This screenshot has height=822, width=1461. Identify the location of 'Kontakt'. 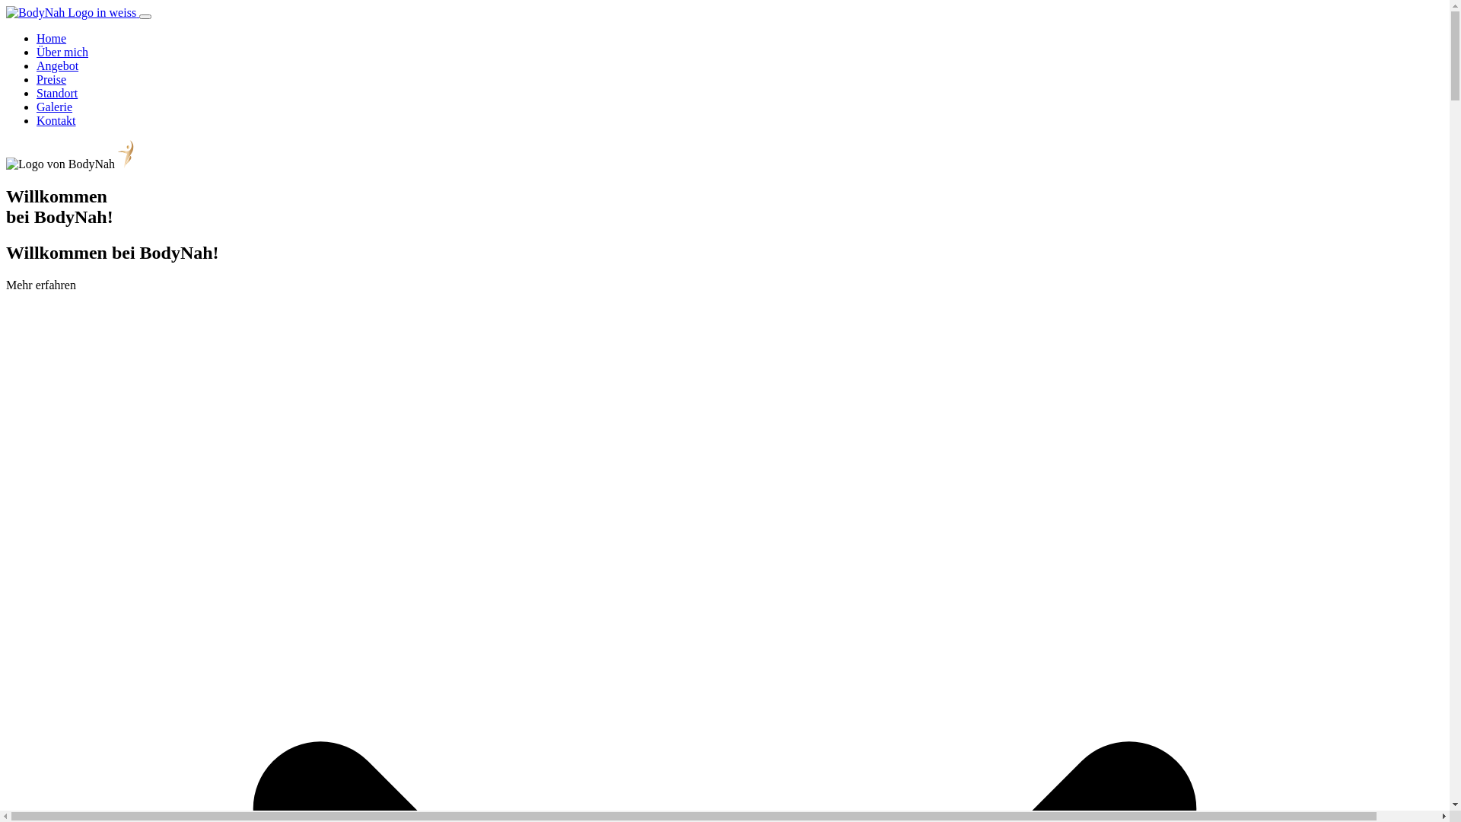
(56, 119).